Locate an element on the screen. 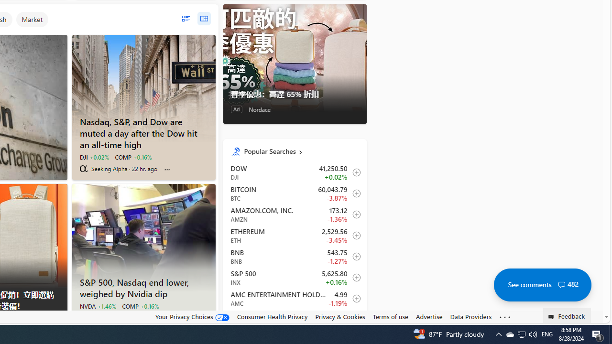 Image resolution: width=612 pixels, height=344 pixels. 'Privacy & Cookies' is located at coordinates (340, 316).